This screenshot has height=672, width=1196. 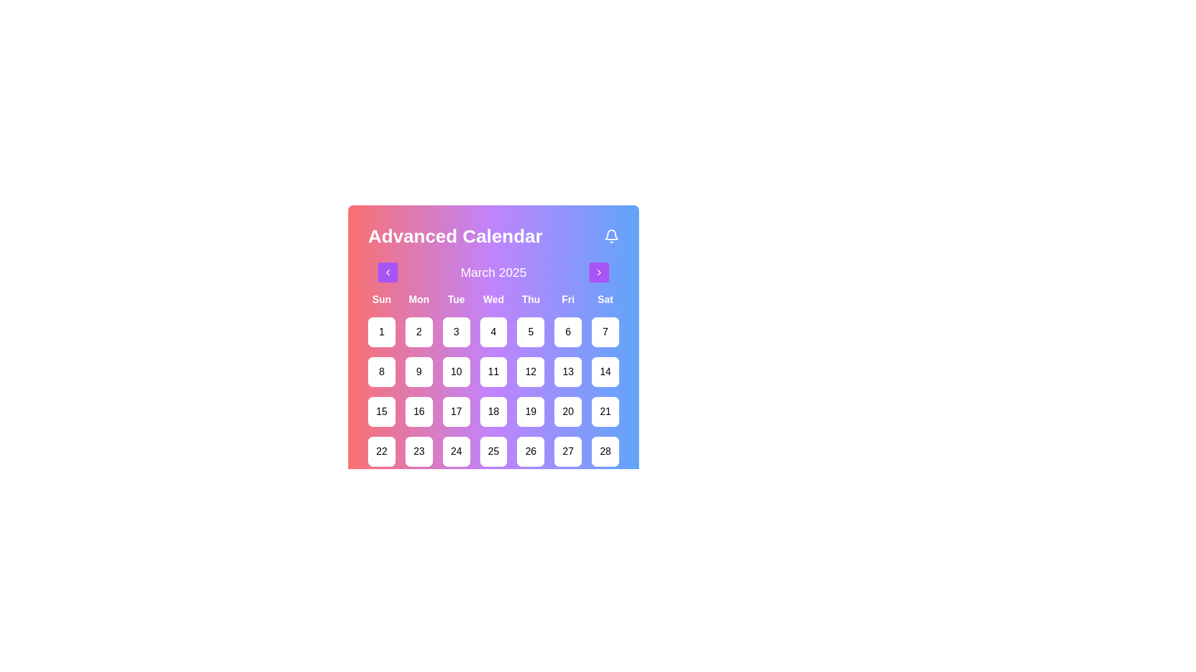 I want to click on the left-most navigation button in the title bar of the calendar interface, so click(x=387, y=272).